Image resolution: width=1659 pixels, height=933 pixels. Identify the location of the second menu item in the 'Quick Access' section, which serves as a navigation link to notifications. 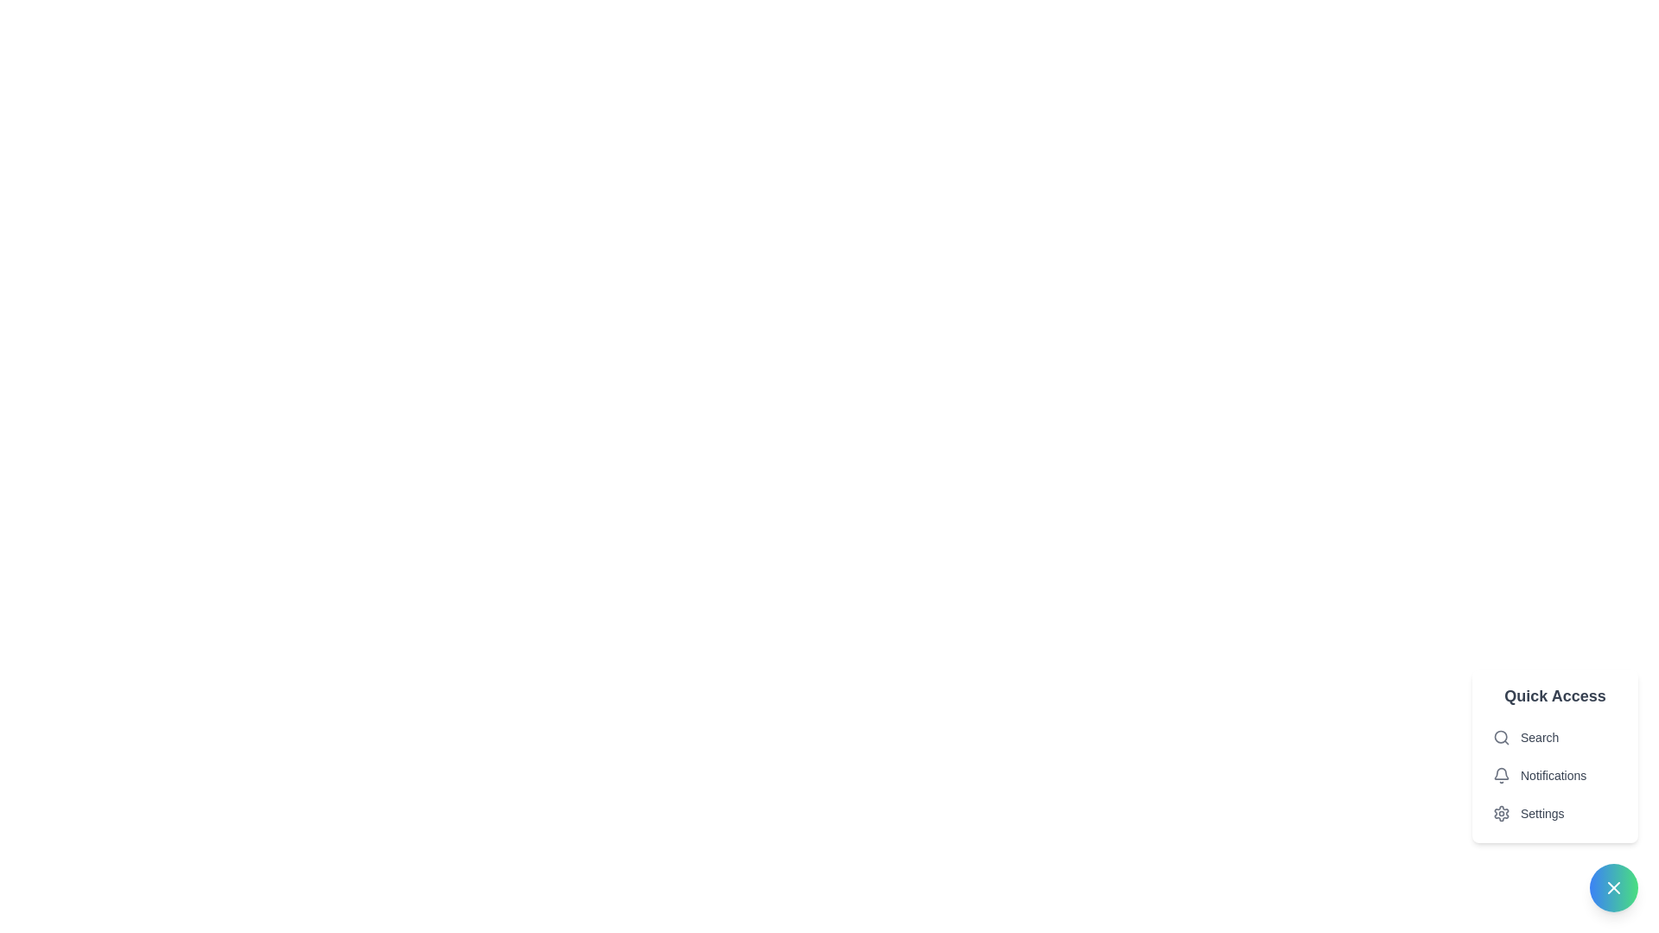
(1555, 775).